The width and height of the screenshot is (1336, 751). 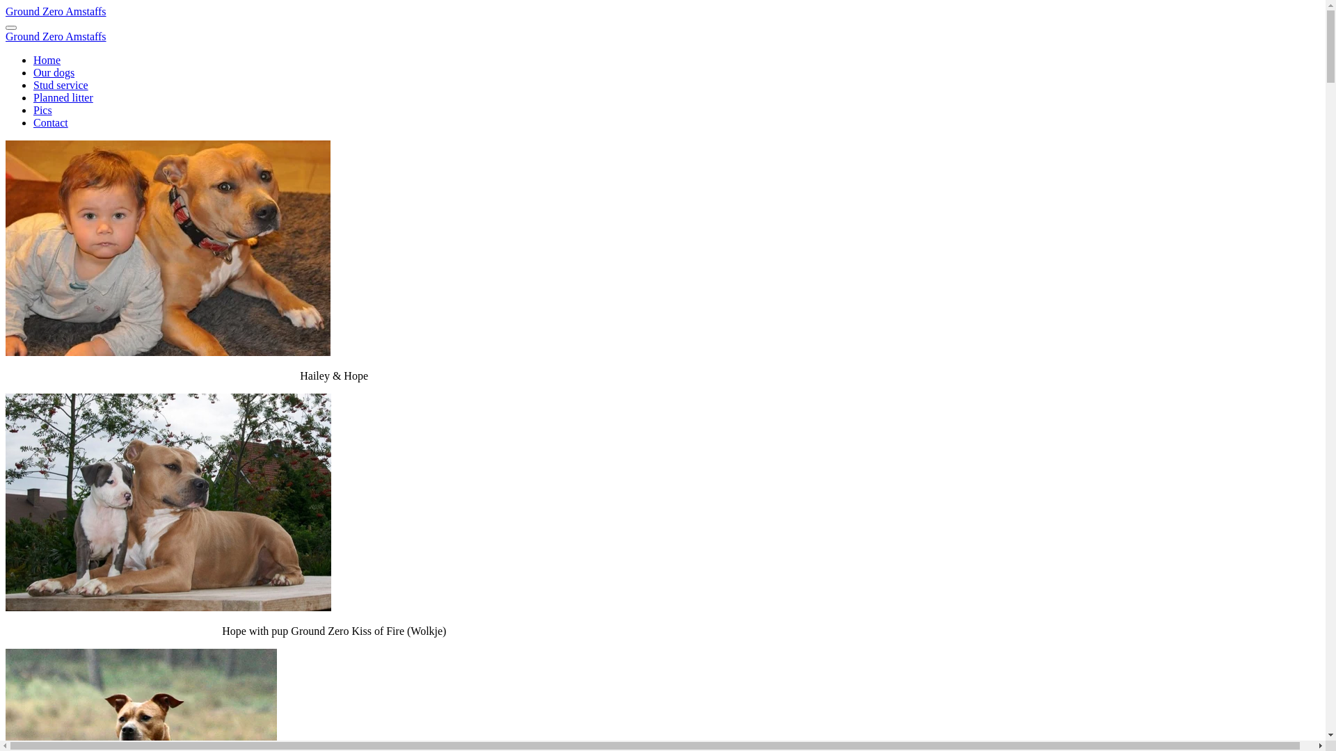 I want to click on 'Contact', so click(x=50, y=122).